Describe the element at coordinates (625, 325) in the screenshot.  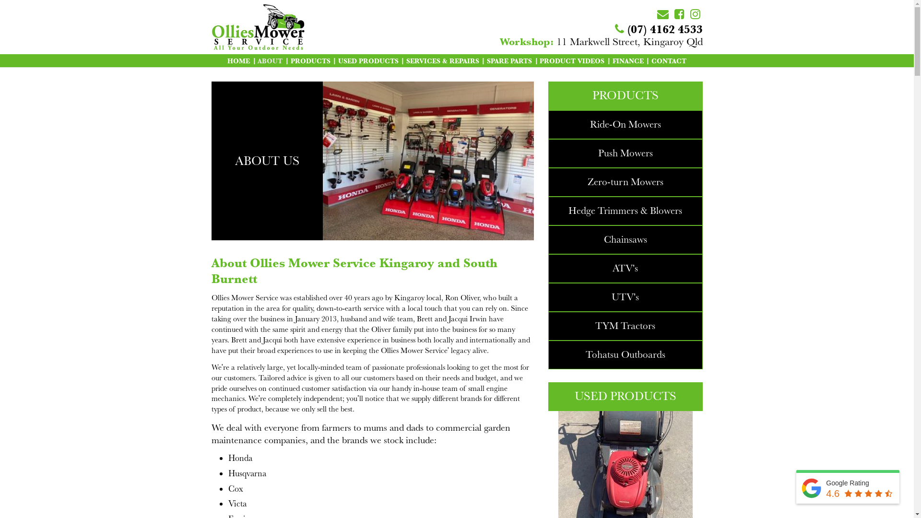
I see `'TYM Tractors'` at that location.